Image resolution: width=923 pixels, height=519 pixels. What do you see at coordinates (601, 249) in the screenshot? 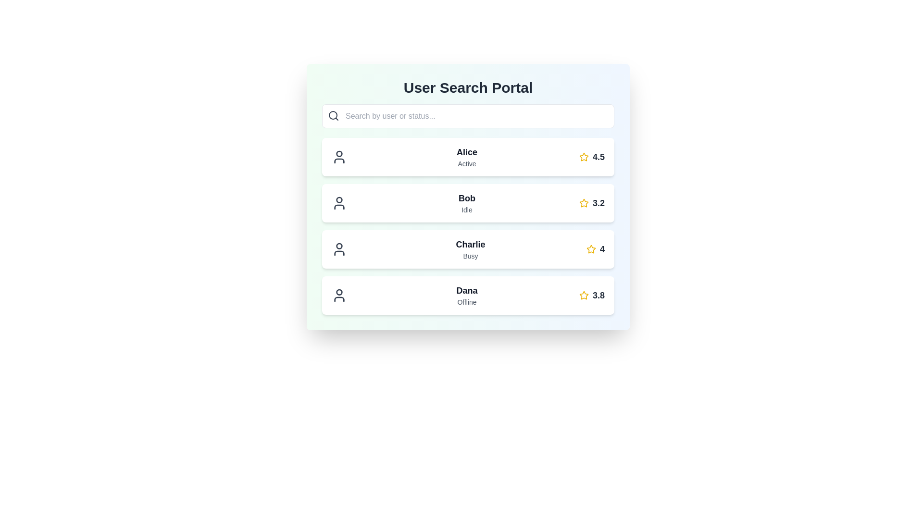
I see `the numerical rating value element associated with user 'Charlie' located in the third row of the user list interface, positioned to the right of the yellow star icon` at bounding box center [601, 249].